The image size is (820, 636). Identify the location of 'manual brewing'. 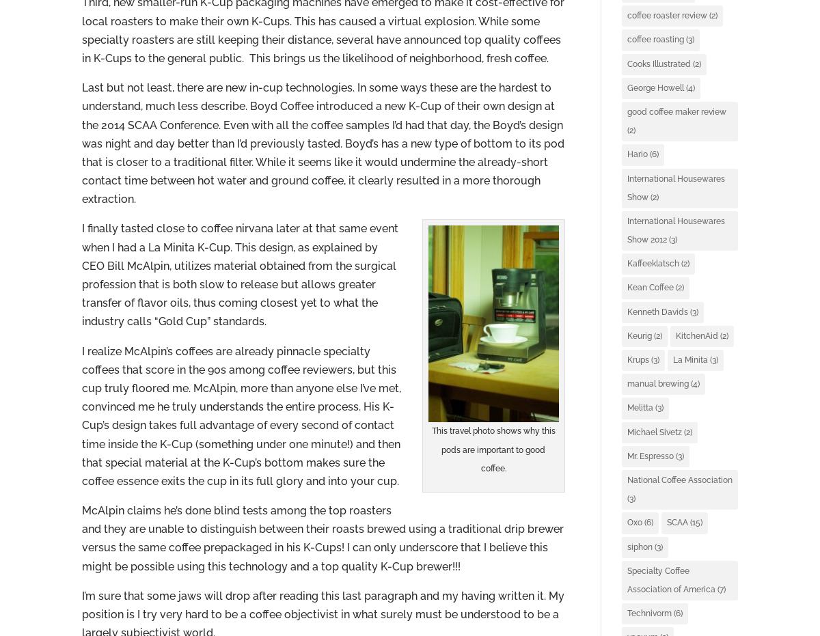
(627, 383).